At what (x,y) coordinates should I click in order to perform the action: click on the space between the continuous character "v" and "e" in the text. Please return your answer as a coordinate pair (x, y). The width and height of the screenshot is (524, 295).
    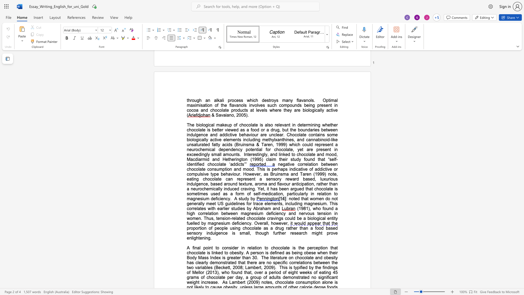
    Looking at the image, I should click on (305, 169).